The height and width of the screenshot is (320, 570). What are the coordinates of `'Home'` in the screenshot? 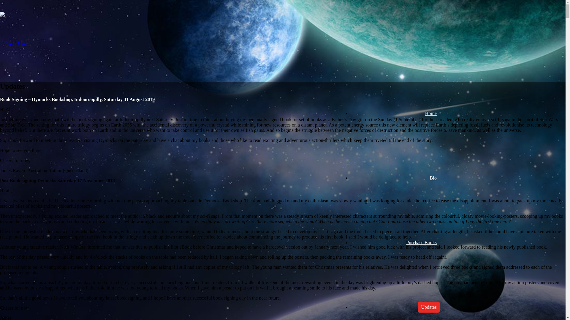 It's located at (431, 113).